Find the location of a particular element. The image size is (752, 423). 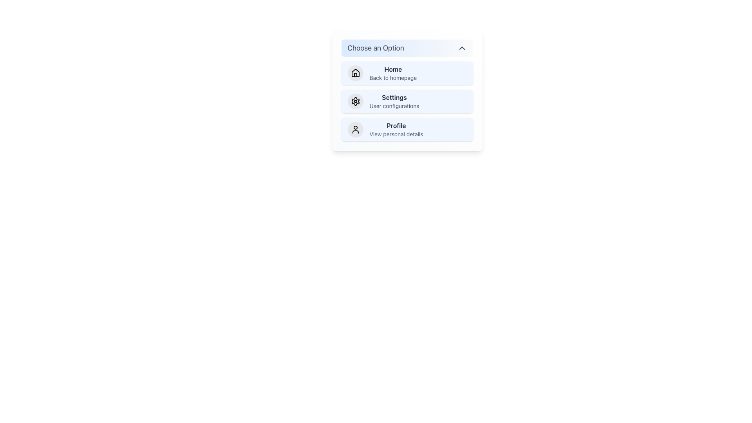

the 'Settings' button, which is the second option in a vertical list of three buttons is located at coordinates (407, 90).